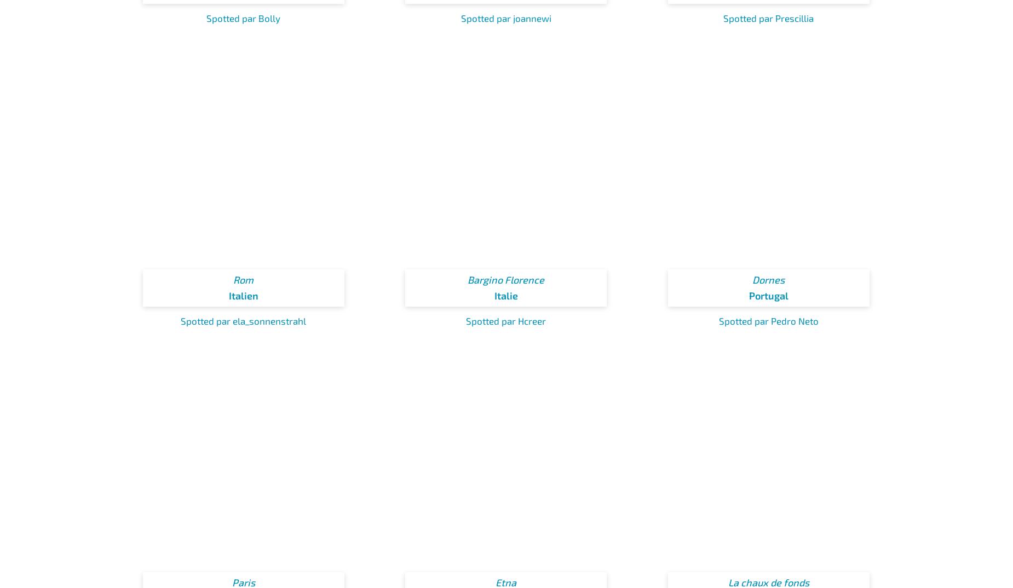 This screenshot has width=1013, height=588. Describe the element at coordinates (243, 295) in the screenshot. I see `'Italien'` at that location.